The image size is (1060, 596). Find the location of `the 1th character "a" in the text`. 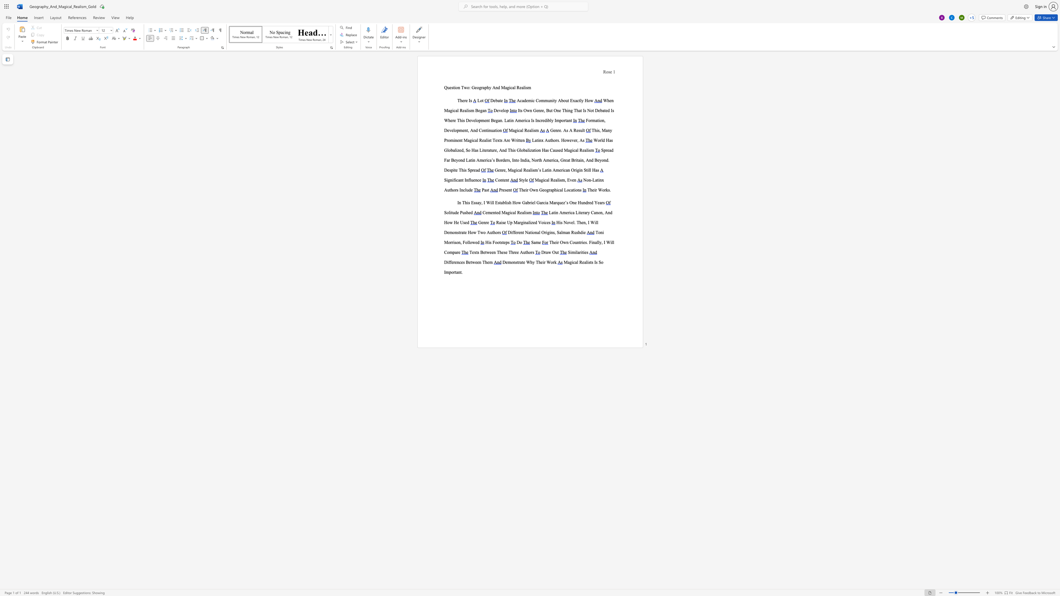

the 1th character "a" in the text is located at coordinates (513, 130).